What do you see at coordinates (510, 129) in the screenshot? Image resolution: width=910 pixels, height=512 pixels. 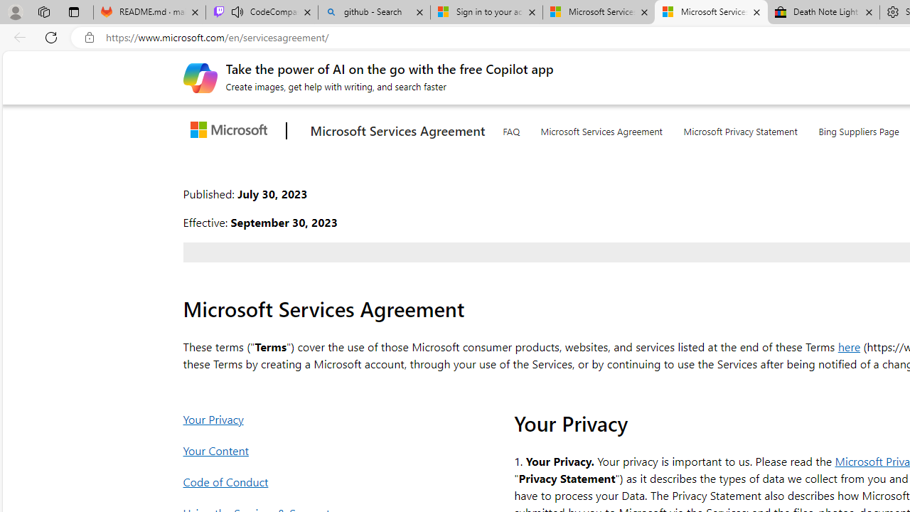 I see `'FAQ'` at bounding box center [510, 129].